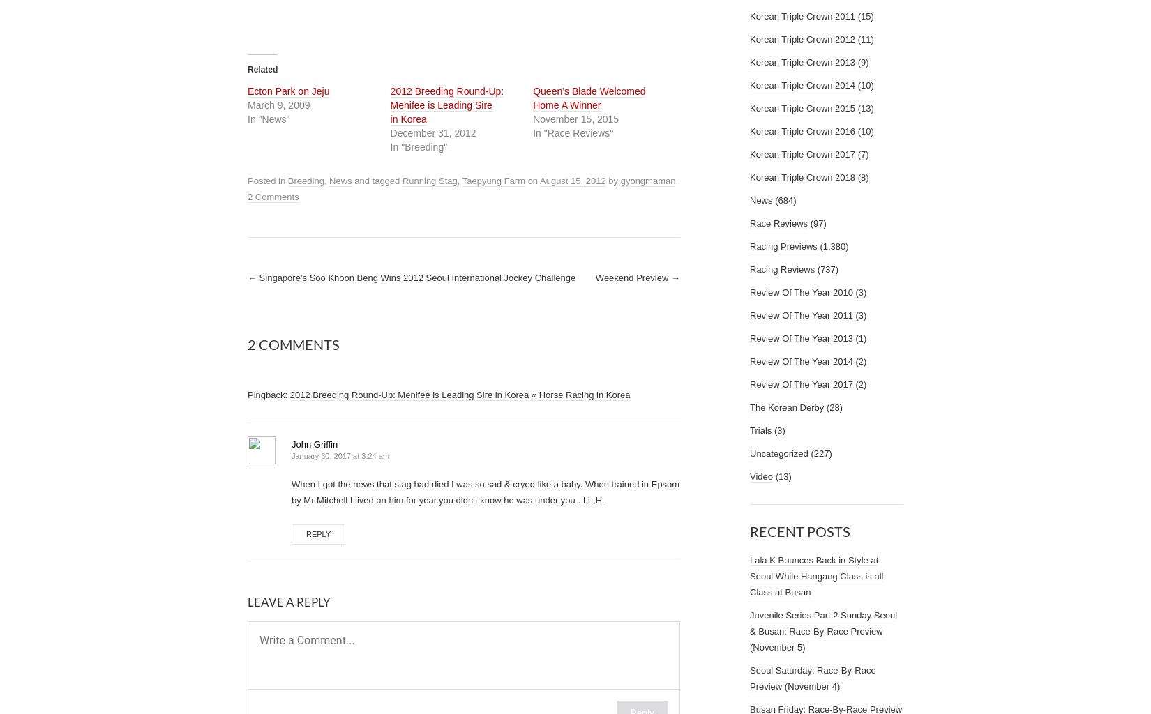 The height and width of the screenshot is (714, 1151). I want to click on 'Lala K Bounces Back in Style at Seoul While Hangang Class is all Class at Busan', so click(816, 575).